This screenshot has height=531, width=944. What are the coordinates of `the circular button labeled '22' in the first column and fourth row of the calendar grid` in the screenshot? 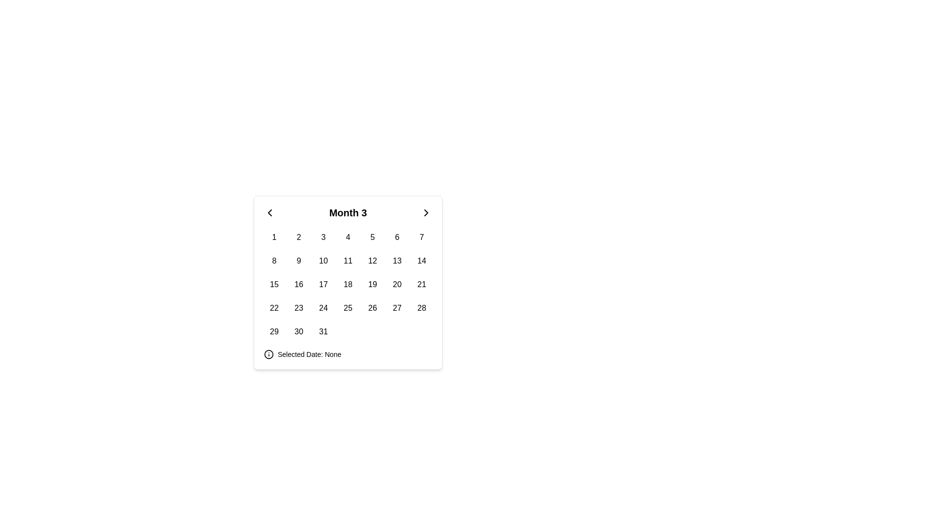 It's located at (274, 308).